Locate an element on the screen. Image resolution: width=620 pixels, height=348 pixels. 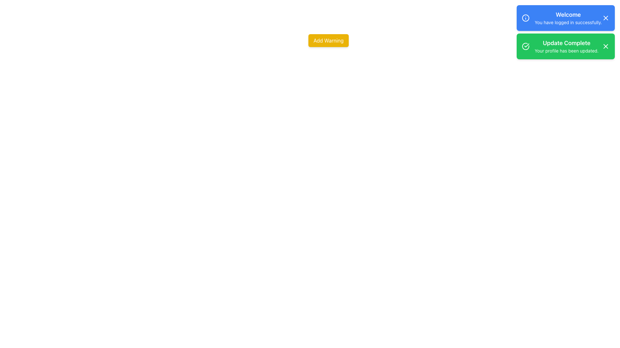
the close ('X') icon button located at the rightmost end of the blue notification banner is located at coordinates (605, 18).